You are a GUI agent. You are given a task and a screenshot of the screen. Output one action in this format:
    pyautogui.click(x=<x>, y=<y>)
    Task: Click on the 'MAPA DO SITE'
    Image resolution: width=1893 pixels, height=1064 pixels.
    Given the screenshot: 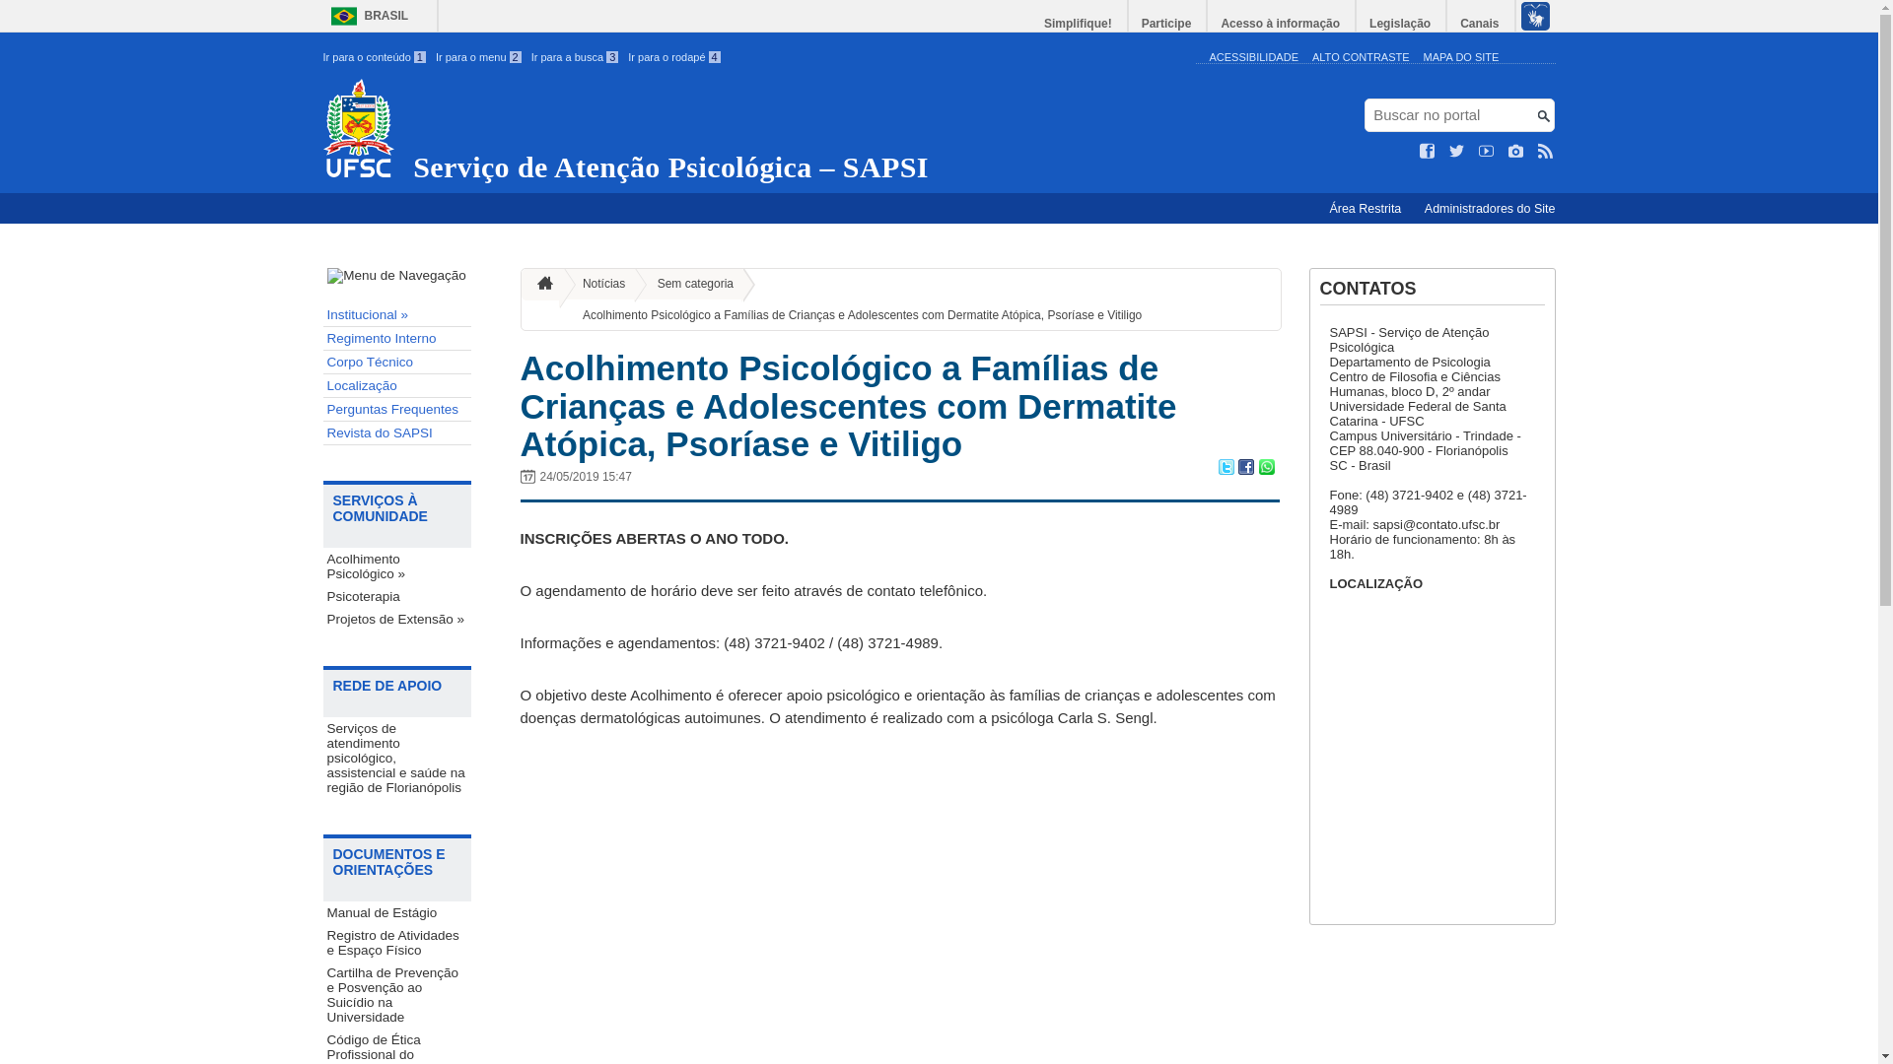 What is the action you would take?
    pyautogui.click(x=1461, y=55)
    